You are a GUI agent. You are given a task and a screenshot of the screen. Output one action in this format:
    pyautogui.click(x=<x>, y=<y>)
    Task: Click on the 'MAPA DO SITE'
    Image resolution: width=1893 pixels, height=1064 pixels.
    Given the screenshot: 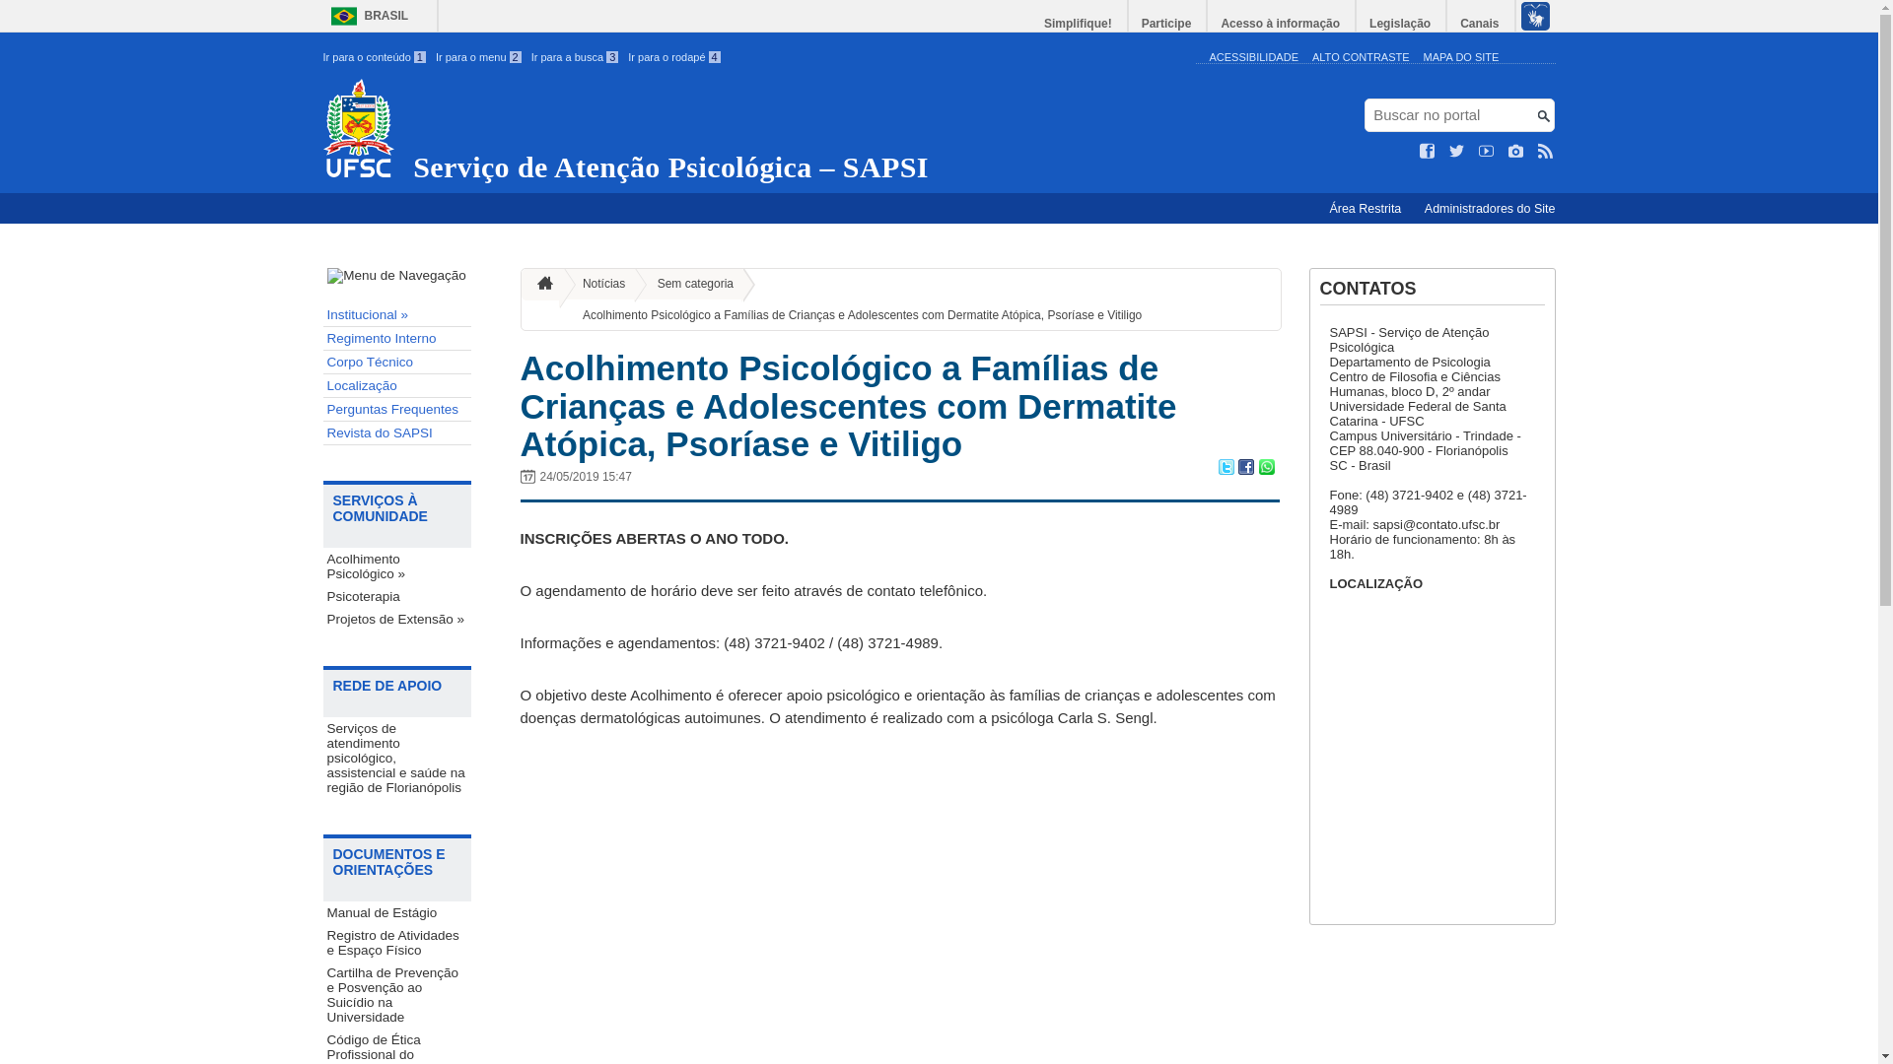 What is the action you would take?
    pyautogui.click(x=1461, y=55)
    